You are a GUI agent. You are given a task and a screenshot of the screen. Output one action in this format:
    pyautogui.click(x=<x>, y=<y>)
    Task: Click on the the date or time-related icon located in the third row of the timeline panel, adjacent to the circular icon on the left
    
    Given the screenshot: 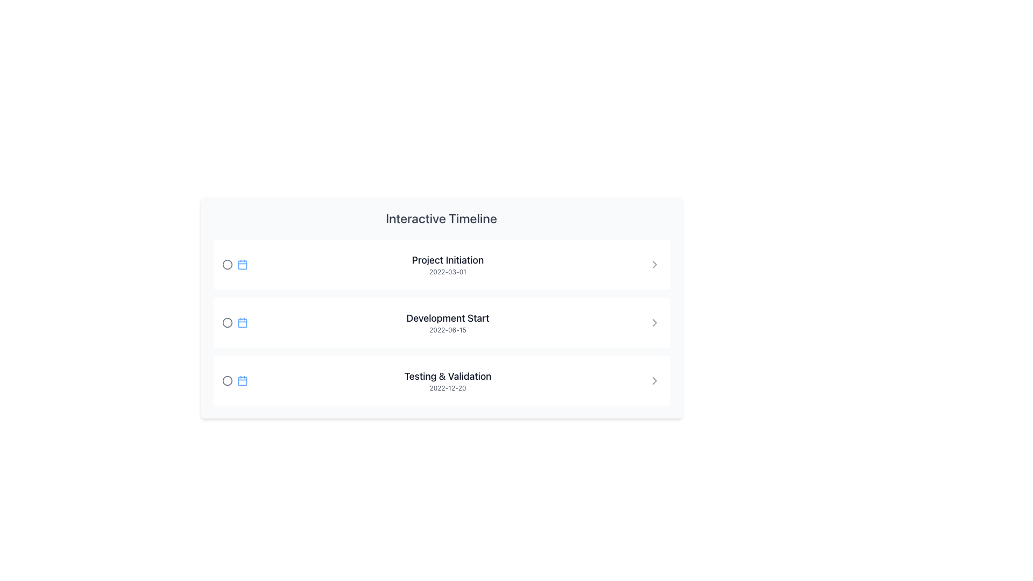 What is the action you would take?
    pyautogui.click(x=242, y=380)
    